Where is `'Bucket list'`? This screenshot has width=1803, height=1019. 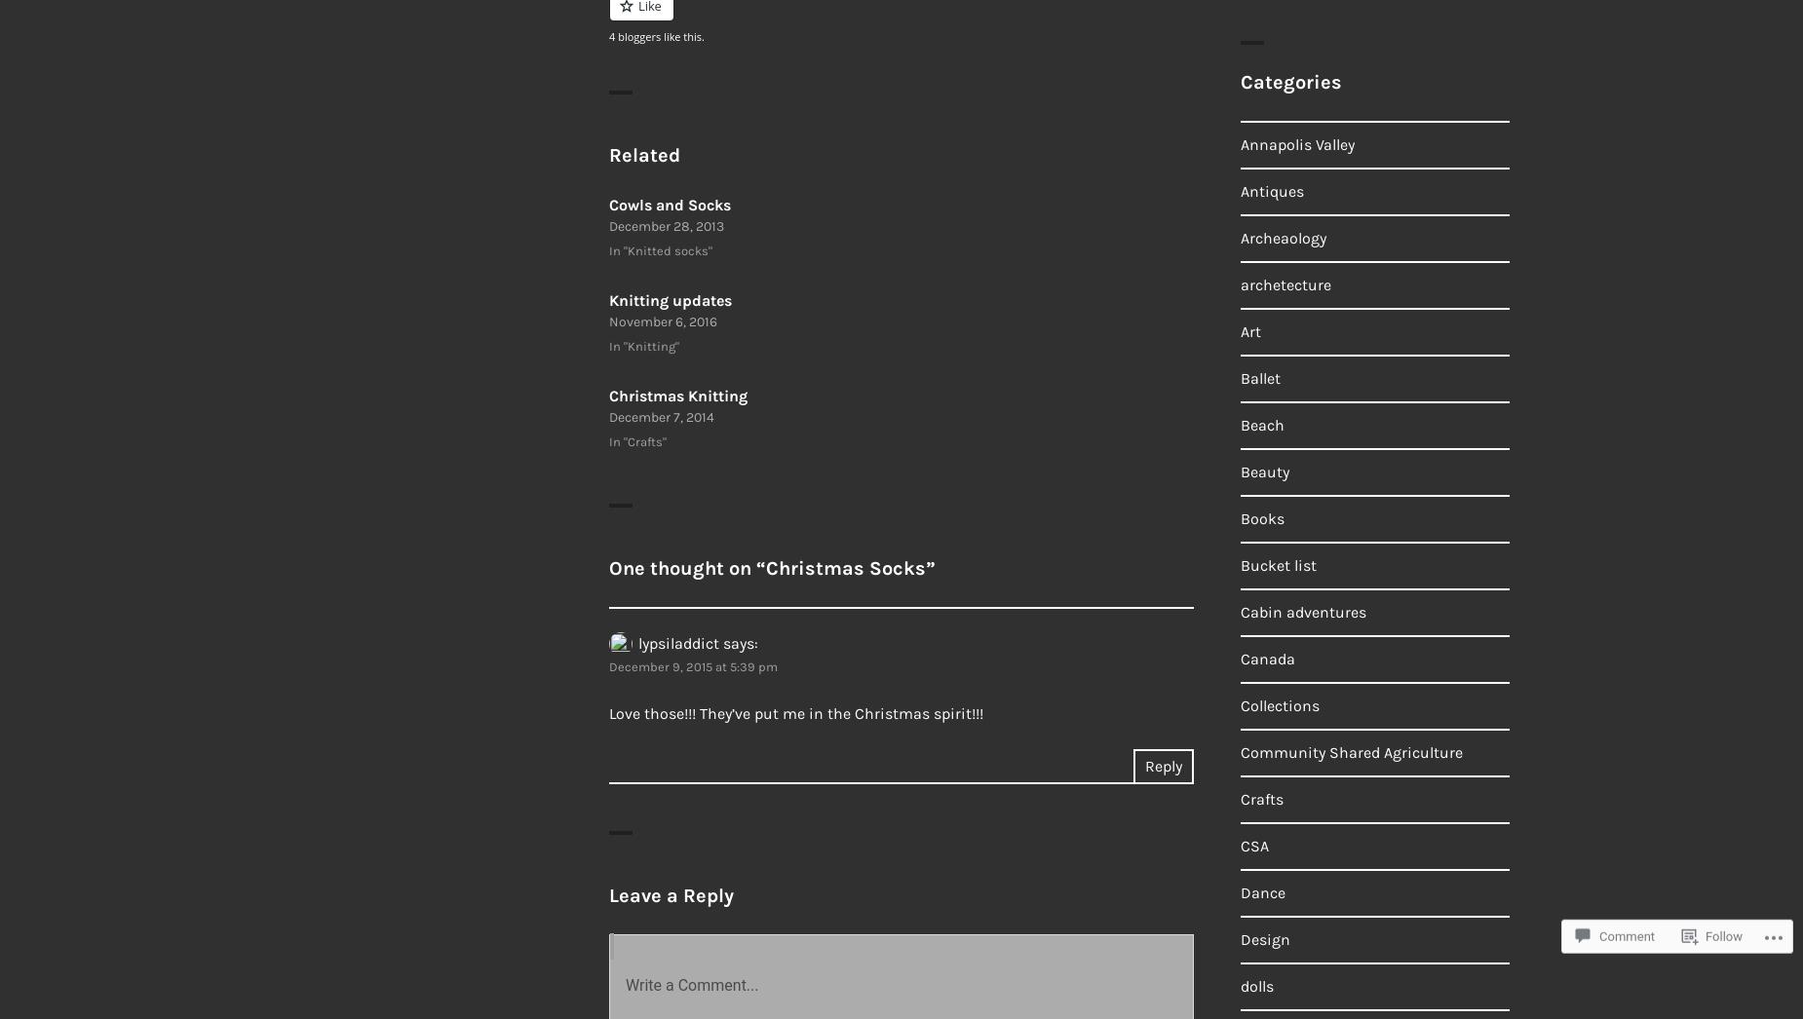
'Bucket list' is located at coordinates (1278, 565).